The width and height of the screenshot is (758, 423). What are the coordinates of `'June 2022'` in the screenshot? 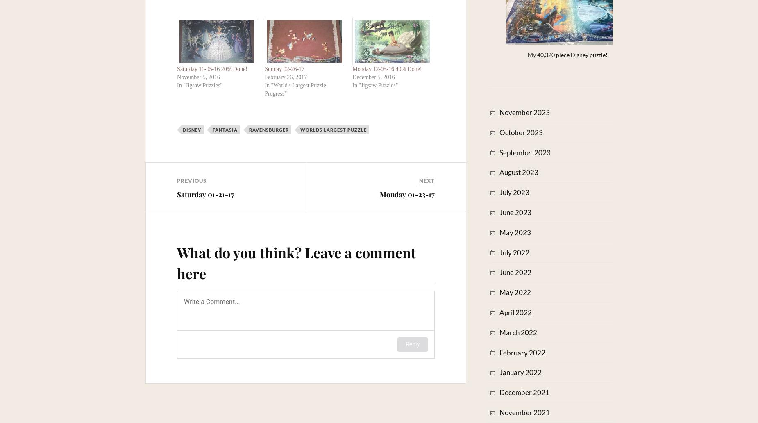 It's located at (515, 272).